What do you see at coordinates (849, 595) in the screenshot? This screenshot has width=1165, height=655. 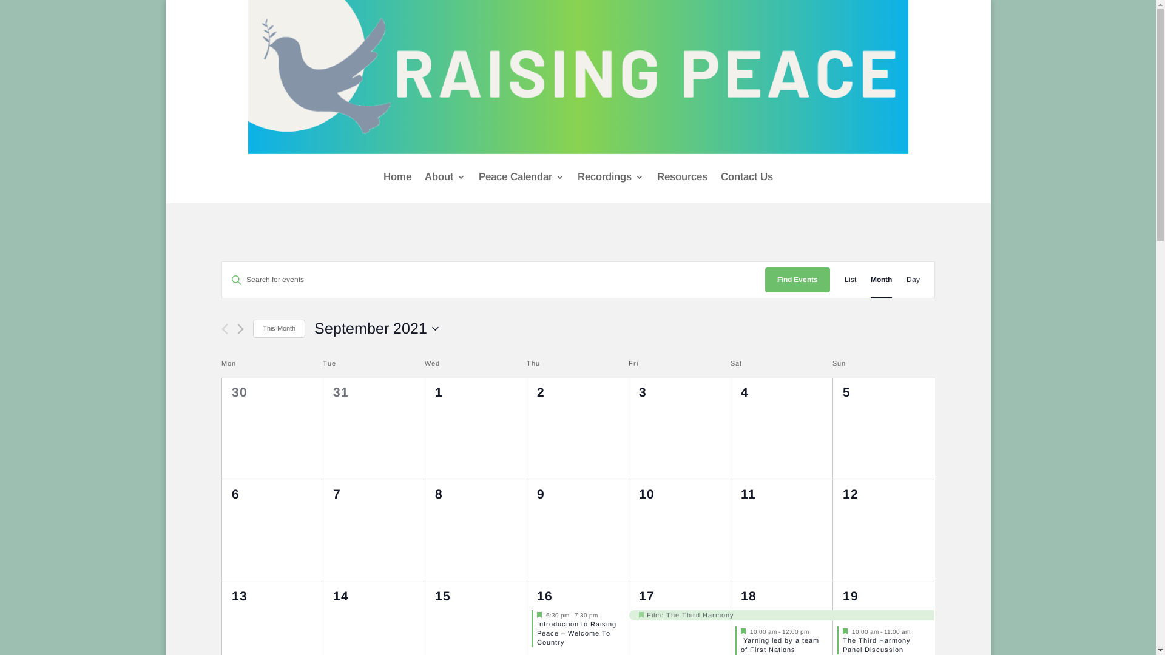 I see `'19'` at bounding box center [849, 595].